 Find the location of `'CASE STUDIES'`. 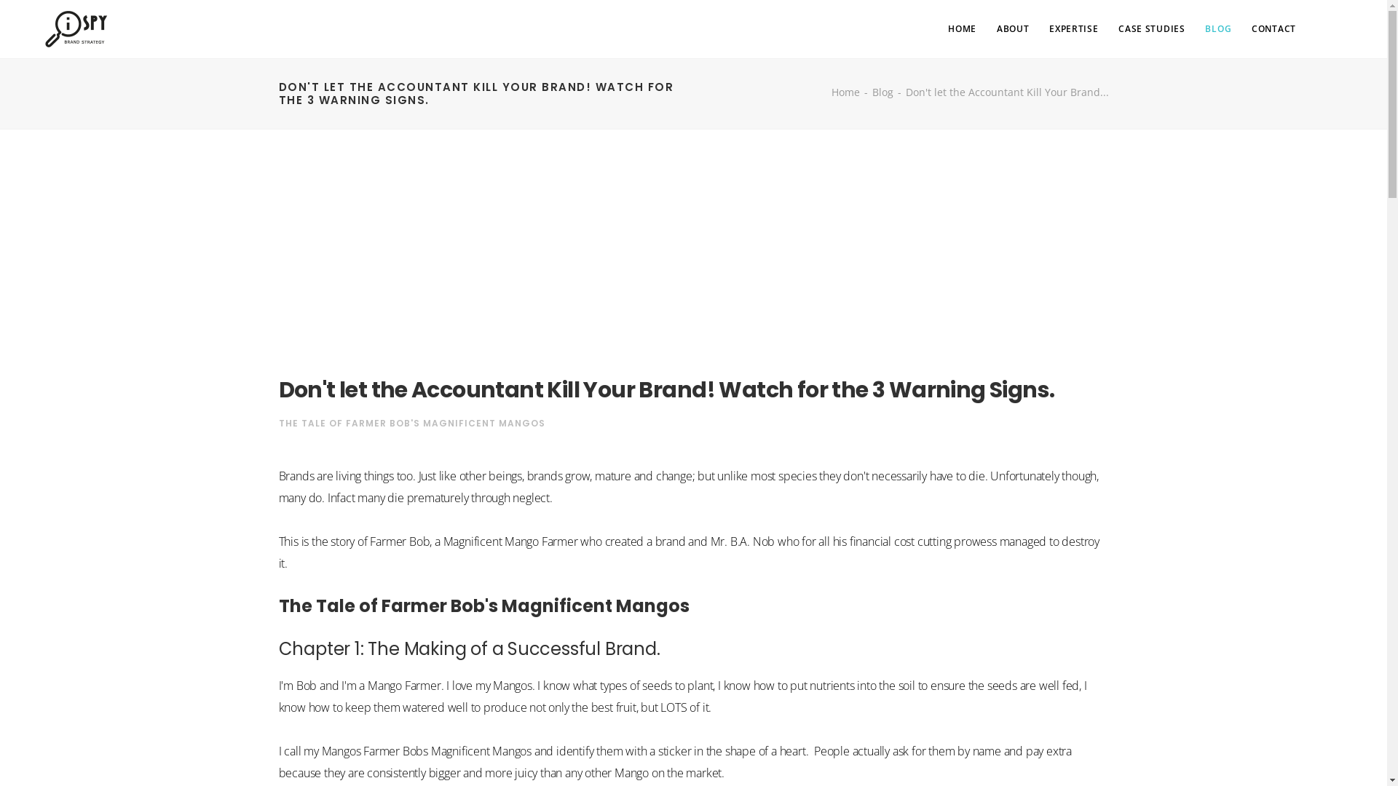

'CASE STUDIES' is located at coordinates (1118, 28).